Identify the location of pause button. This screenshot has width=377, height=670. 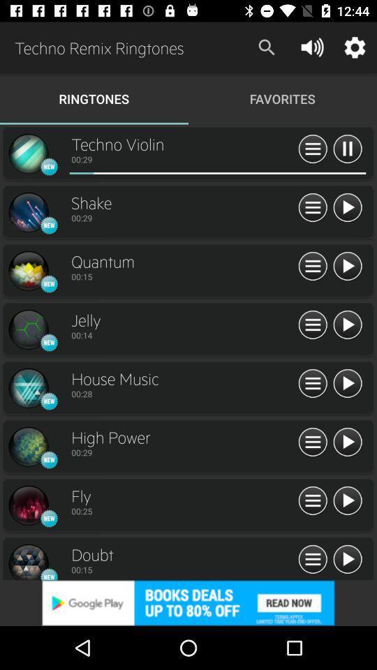
(346, 149).